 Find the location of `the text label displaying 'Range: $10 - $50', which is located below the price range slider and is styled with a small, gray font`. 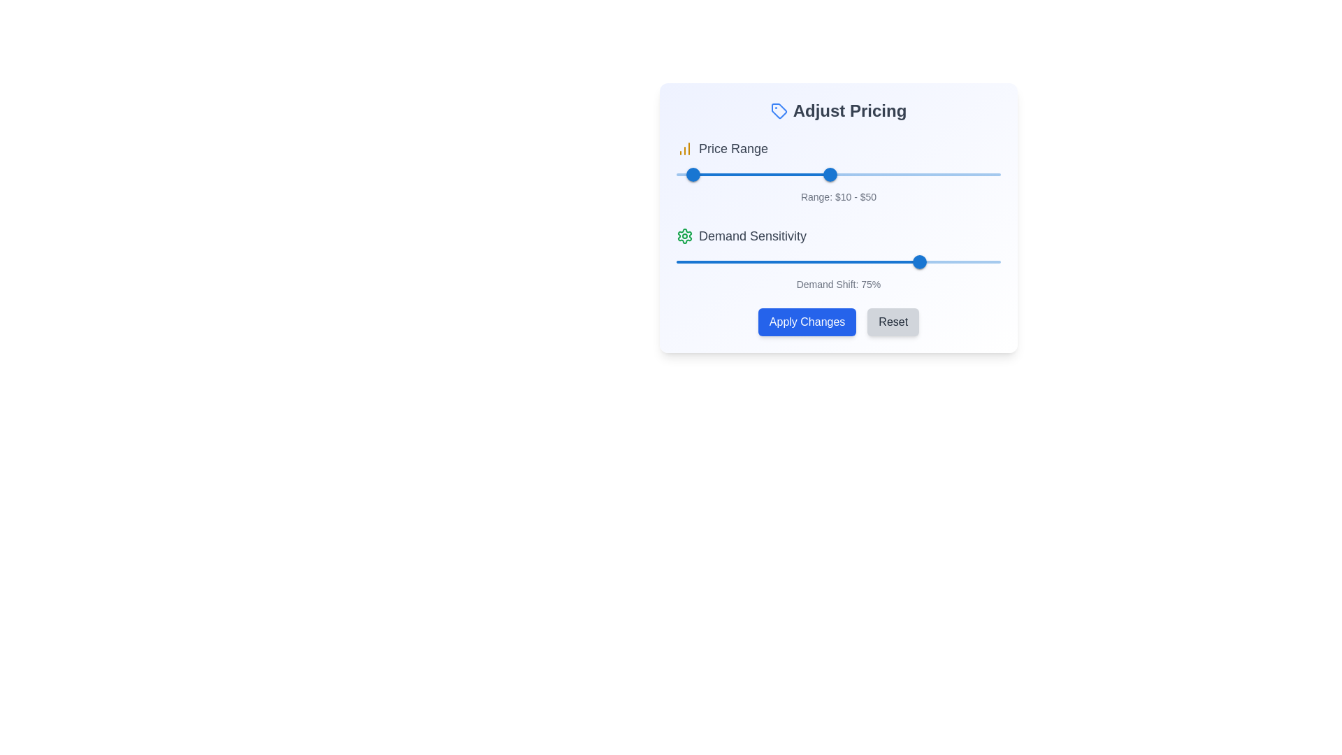

the text label displaying 'Range: $10 - $50', which is located below the price range slider and is styled with a small, gray font is located at coordinates (839, 196).